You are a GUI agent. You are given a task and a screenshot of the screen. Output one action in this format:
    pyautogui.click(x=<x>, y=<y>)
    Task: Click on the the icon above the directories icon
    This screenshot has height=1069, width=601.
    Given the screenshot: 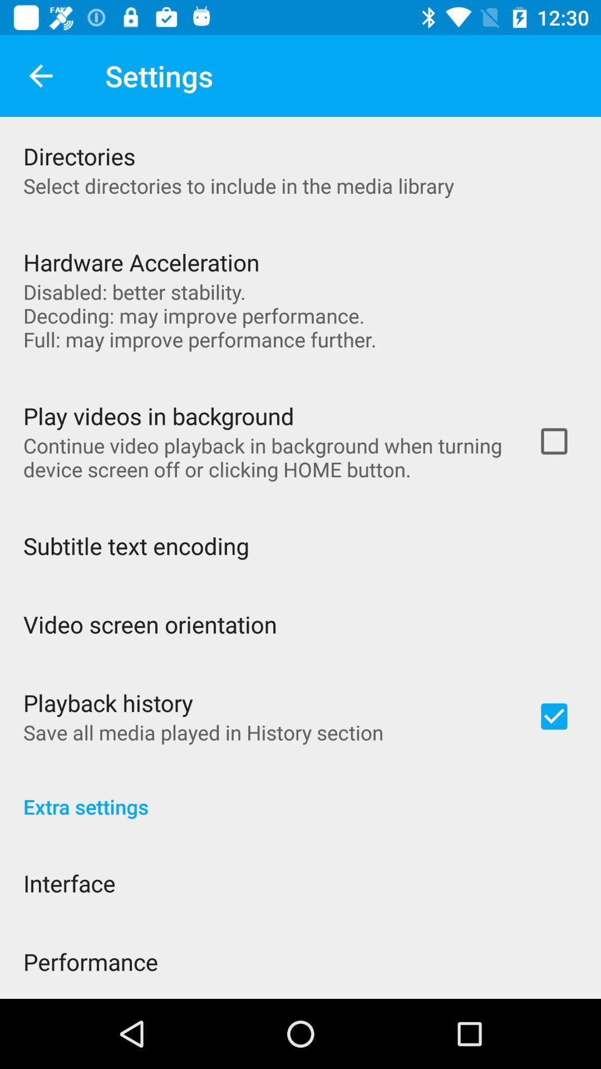 What is the action you would take?
    pyautogui.click(x=40, y=75)
    